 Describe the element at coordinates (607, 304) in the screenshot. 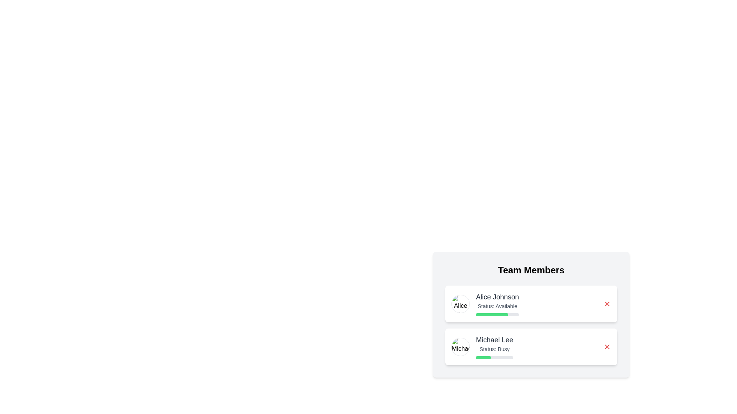

I see `remove button for the profile with name Alice Johnson` at that location.